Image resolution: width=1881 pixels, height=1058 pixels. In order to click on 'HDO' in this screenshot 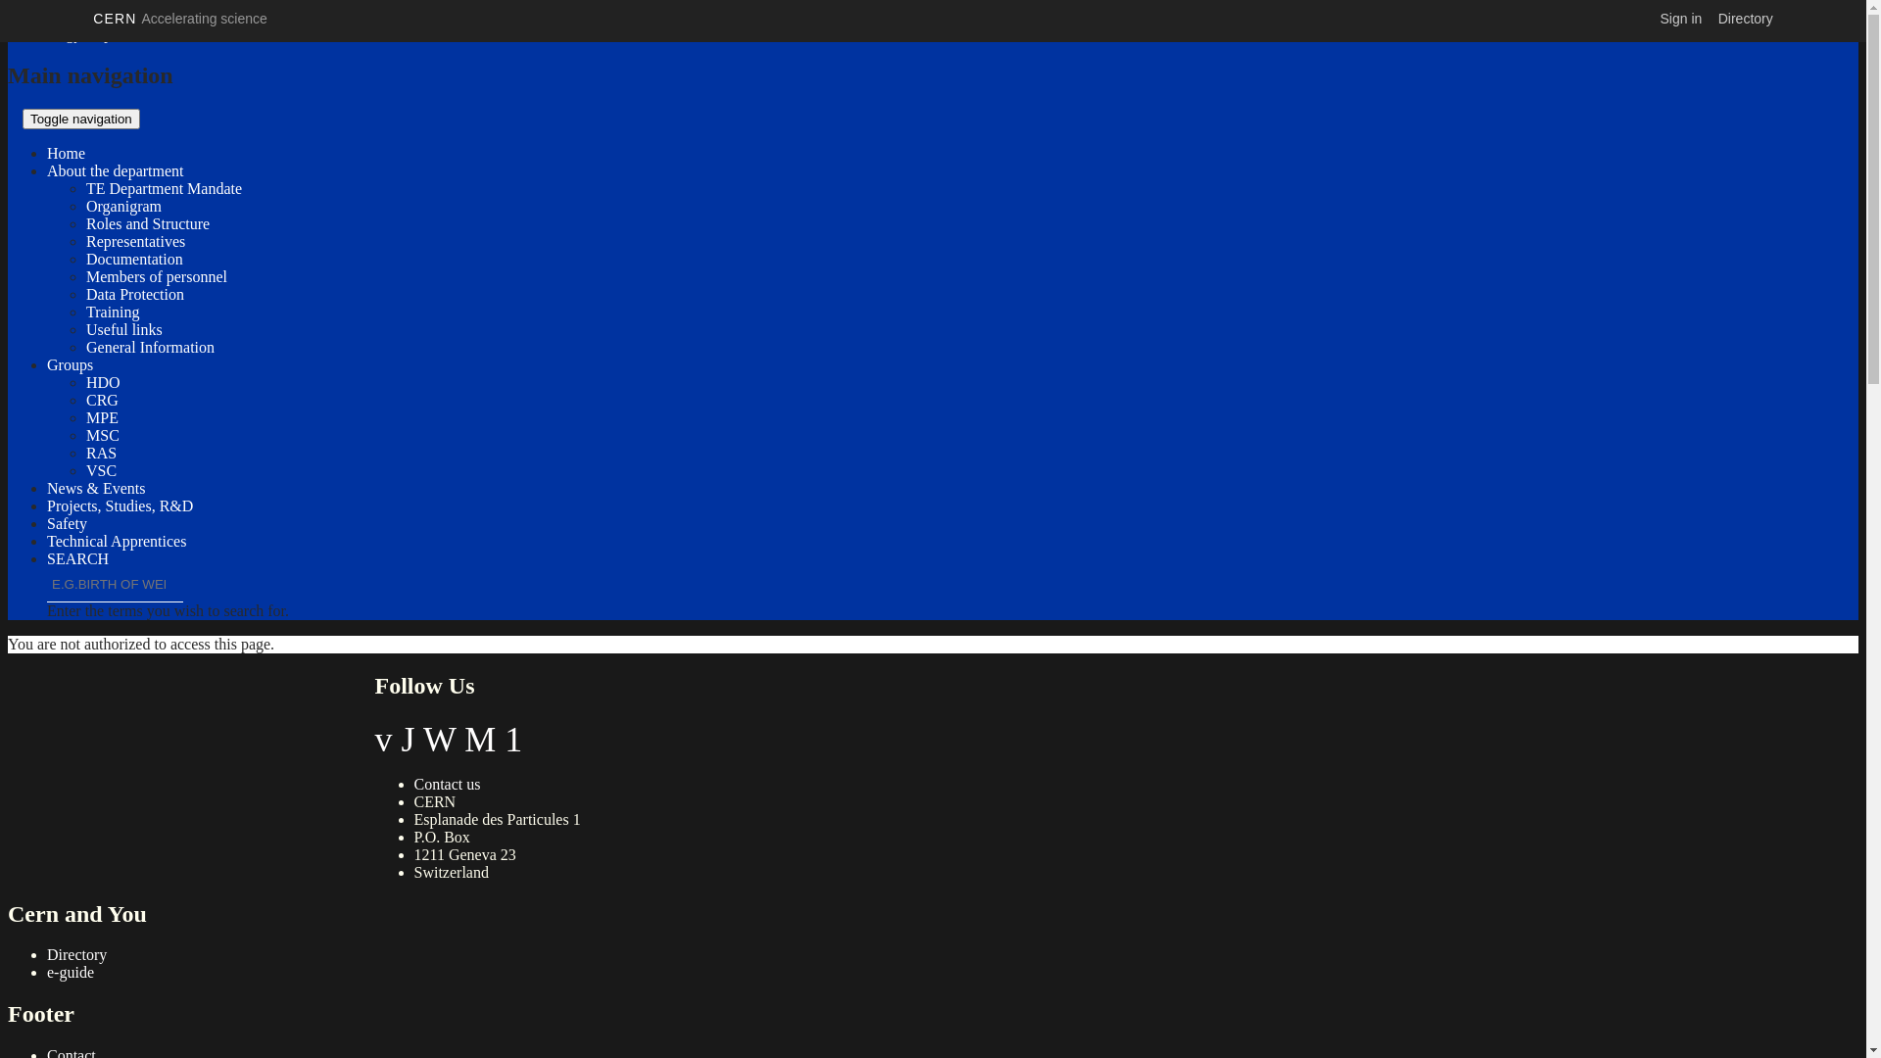, I will do `click(102, 382)`.